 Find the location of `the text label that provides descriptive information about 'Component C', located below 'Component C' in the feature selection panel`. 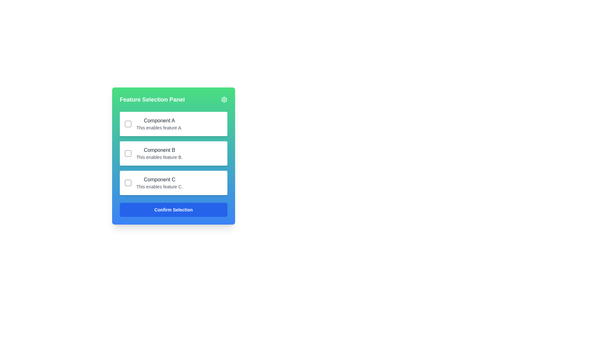

the text label that provides descriptive information about 'Component C', located below 'Component C' in the feature selection panel is located at coordinates (160, 186).